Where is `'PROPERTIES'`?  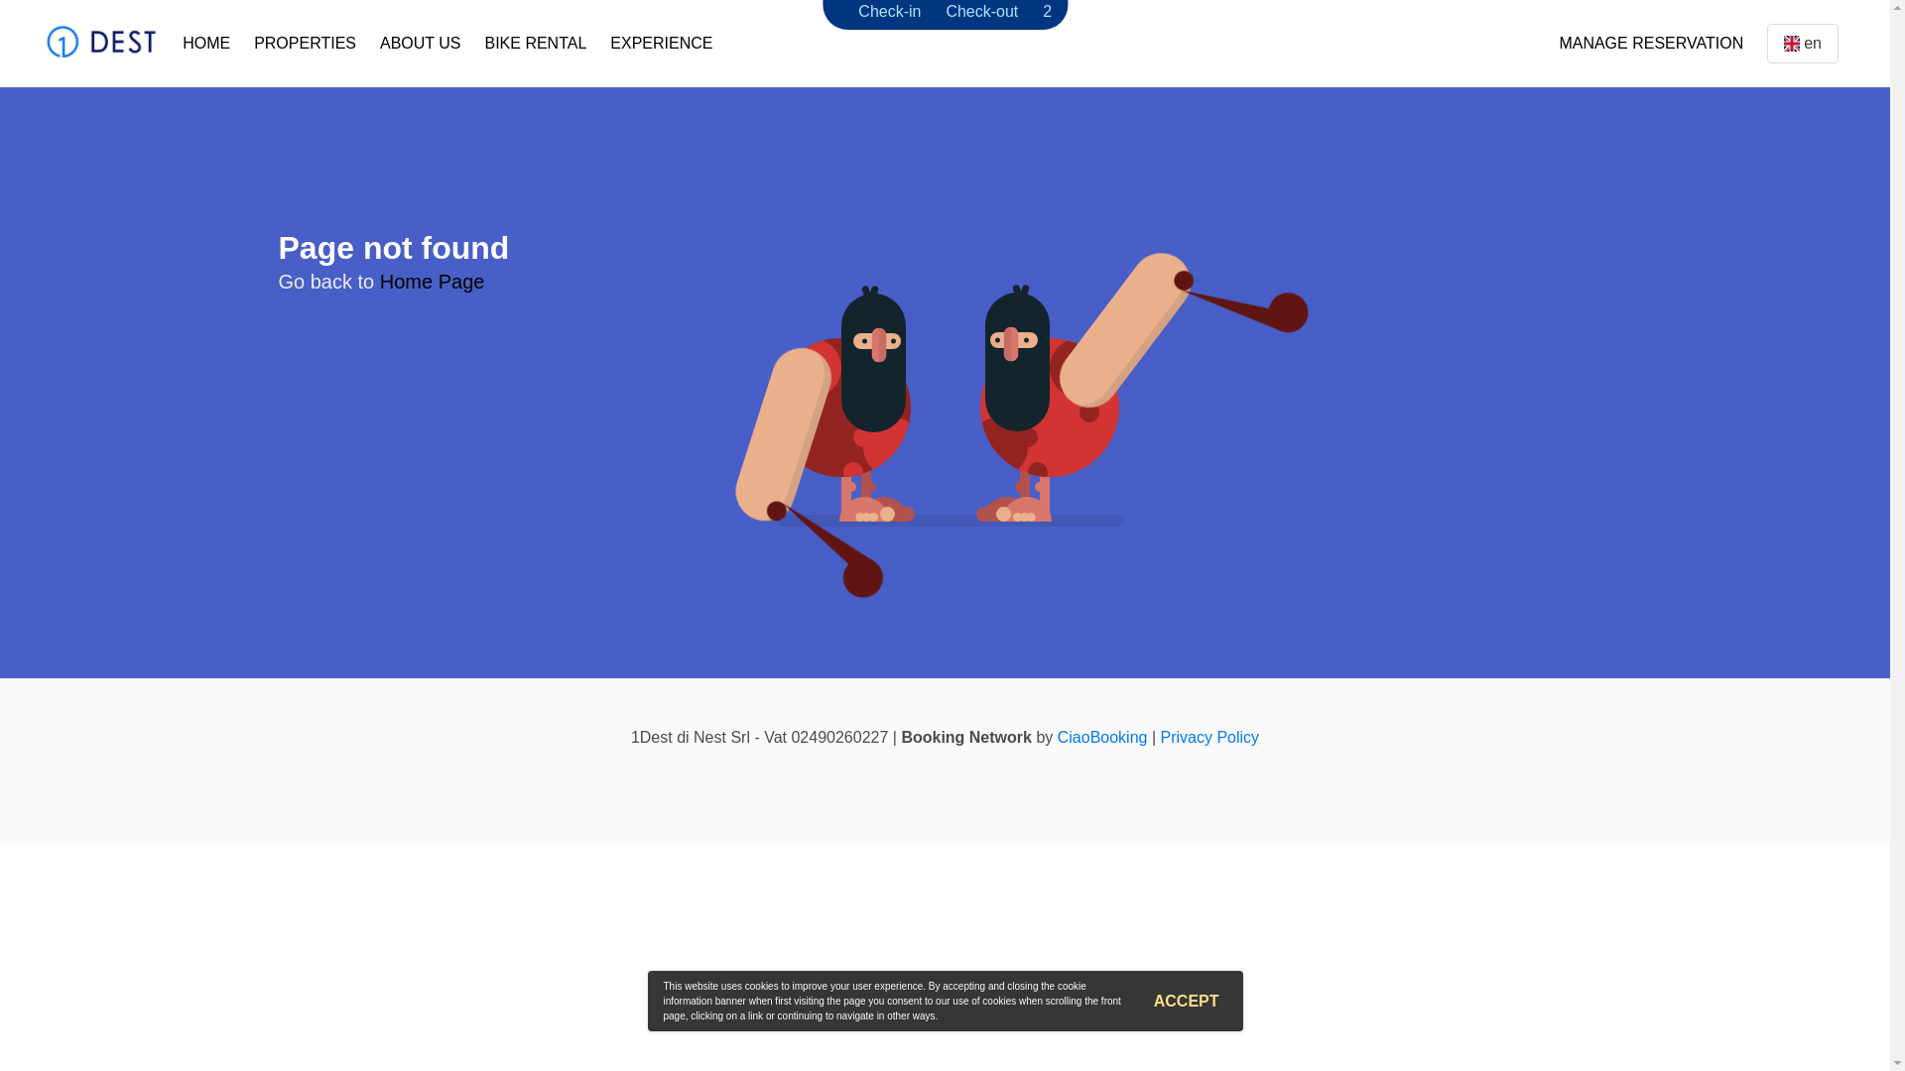
'PROPERTIES' is located at coordinates (241, 43).